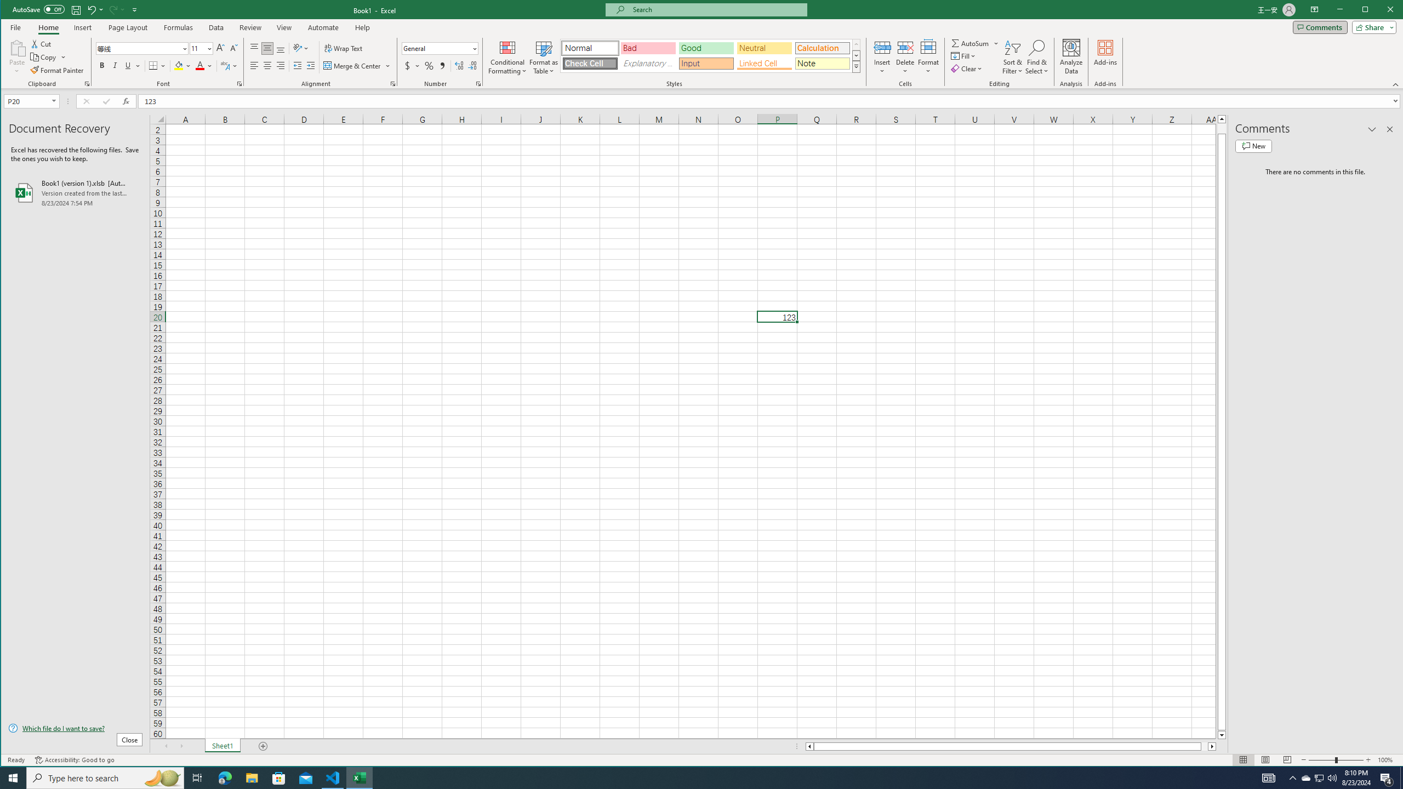 The width and height of the screenshot is (1403, 789). What do you see at coordinates (310, 65) in the screenshot?
I see `'Increase Indent'` at bounding box center [310, 65].